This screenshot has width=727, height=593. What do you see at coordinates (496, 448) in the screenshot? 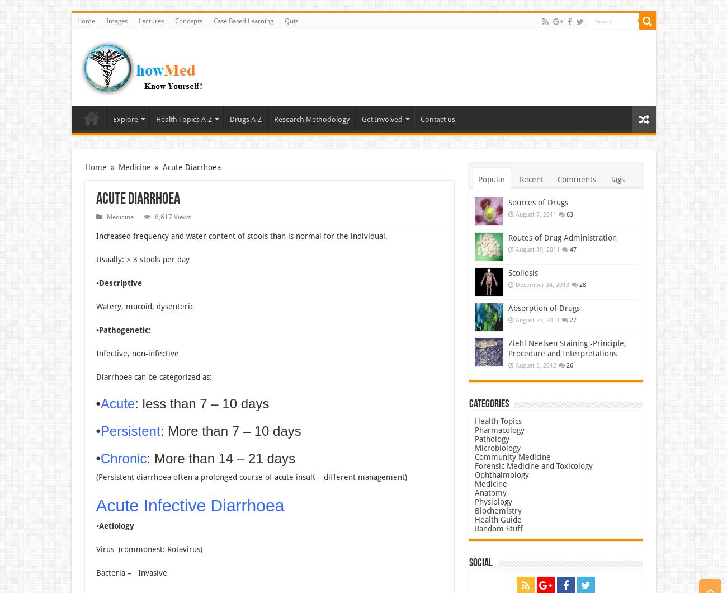
I see `'Microbiology'` at bounding box center [496, 448].